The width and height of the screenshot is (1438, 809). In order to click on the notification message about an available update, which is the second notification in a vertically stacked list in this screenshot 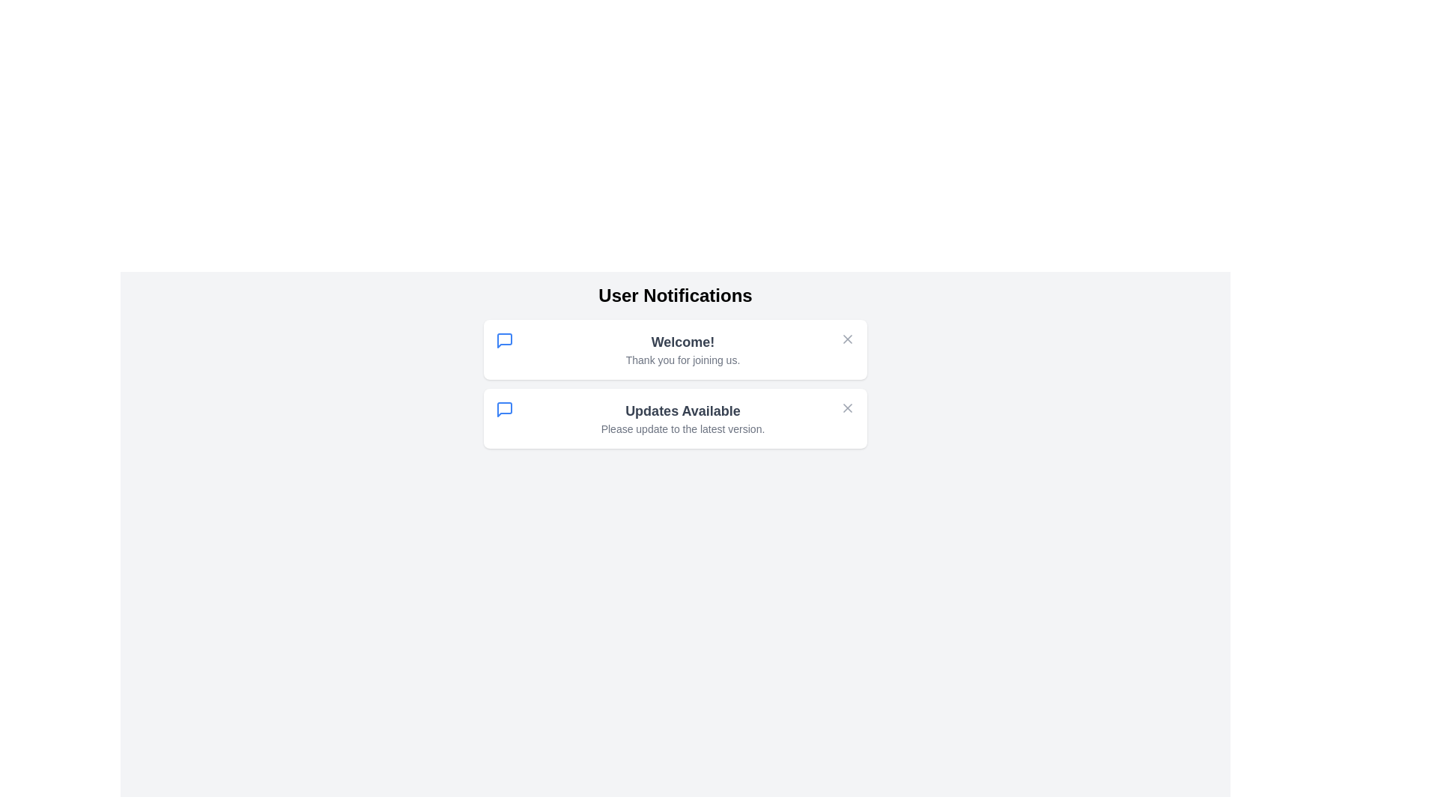, I will do `click(682, 419)`.